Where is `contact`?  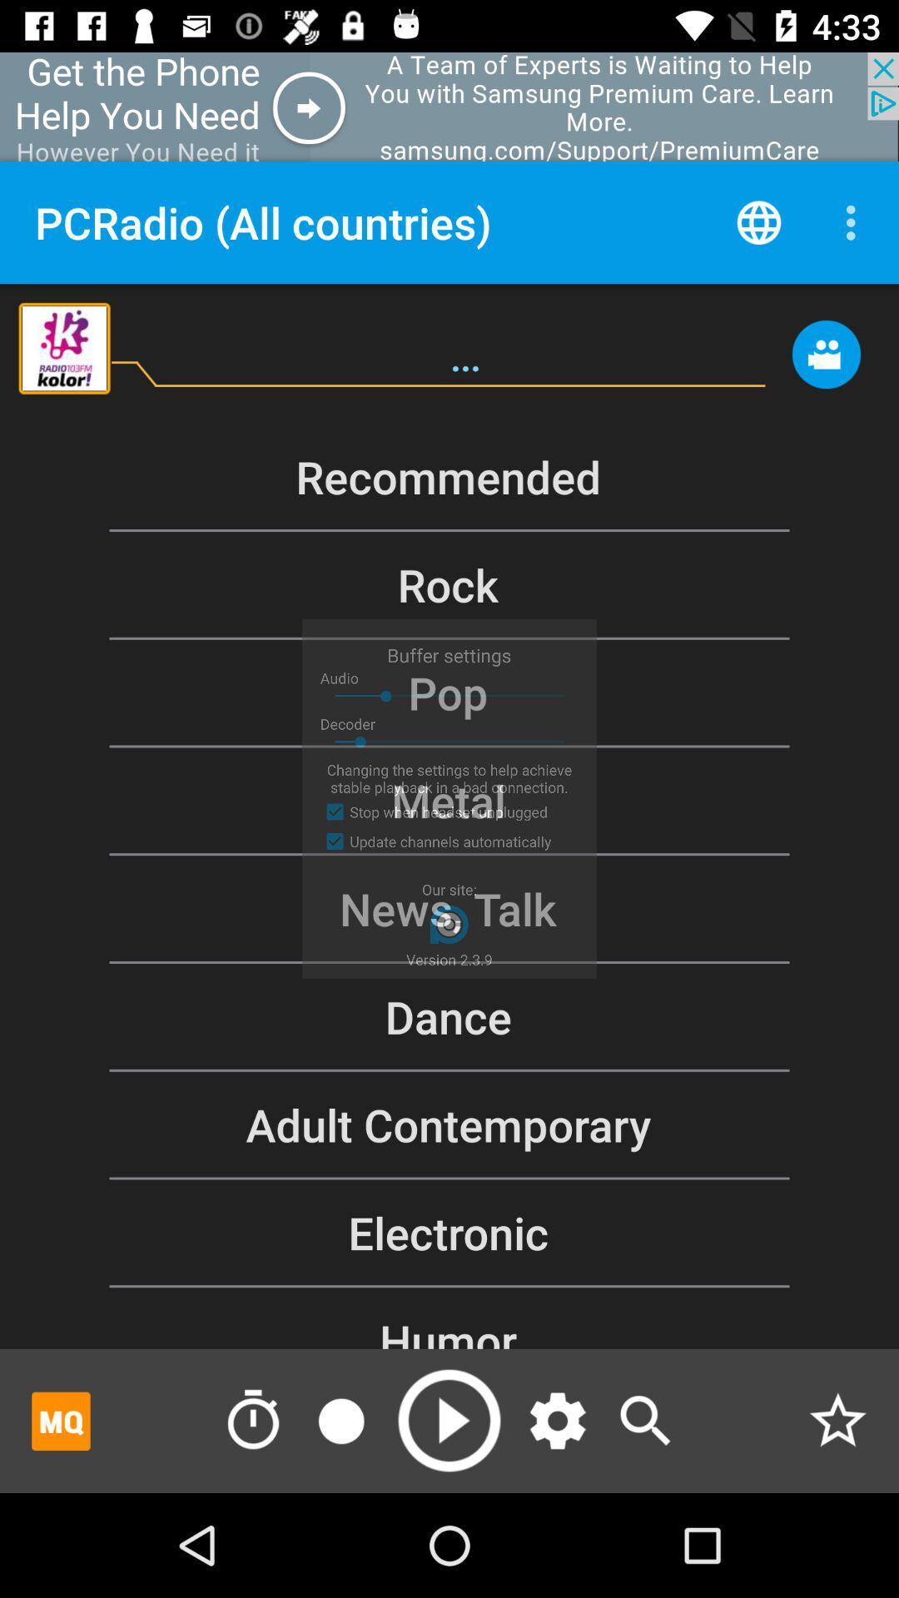
contact is located at coordinates (826, 361).